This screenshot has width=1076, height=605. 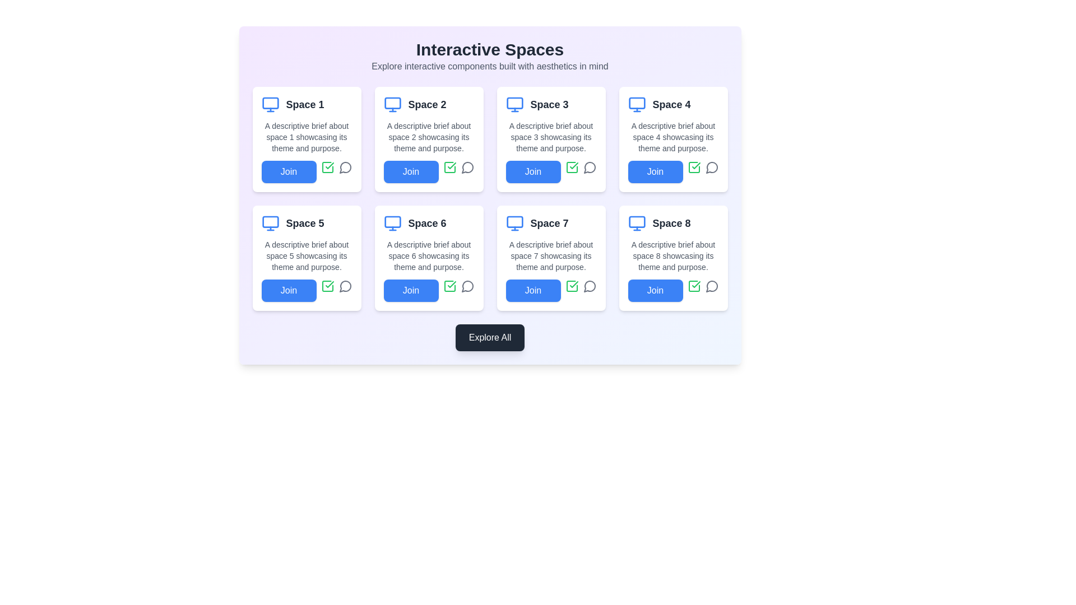 I want to click on the Text label that serves as a title for the fourth card in the first row of the grid layout, which indicates the name or category of the content displayed within that card, so click(x=671, y=104).